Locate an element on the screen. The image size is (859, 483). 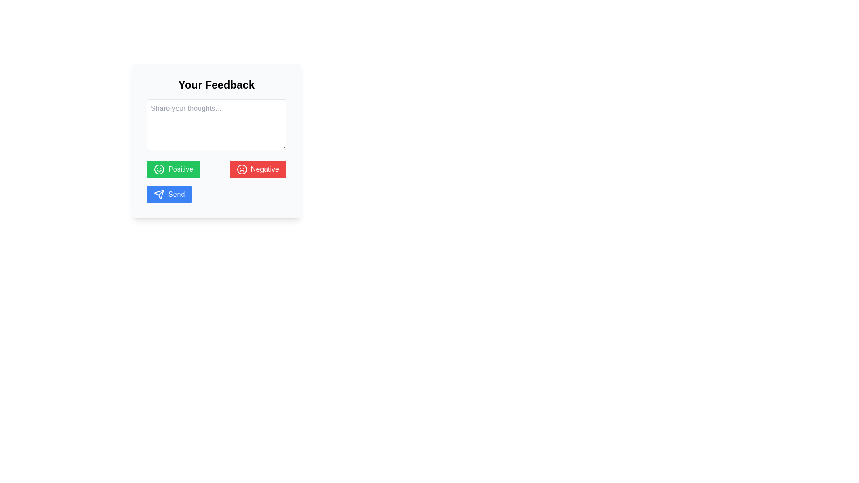
the 'Send' button, which is a rectangular button with white text on a blue background and a paper plane icon, located in the lower section of the feedback form is located at coordinates (169, 194).